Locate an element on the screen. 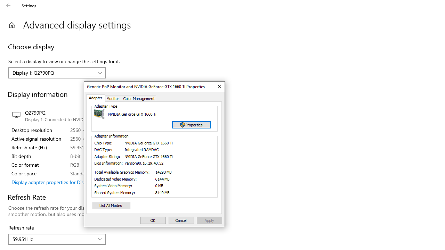 The image size is (445, 250). 'Apply' is located at coordinates (209, 220).